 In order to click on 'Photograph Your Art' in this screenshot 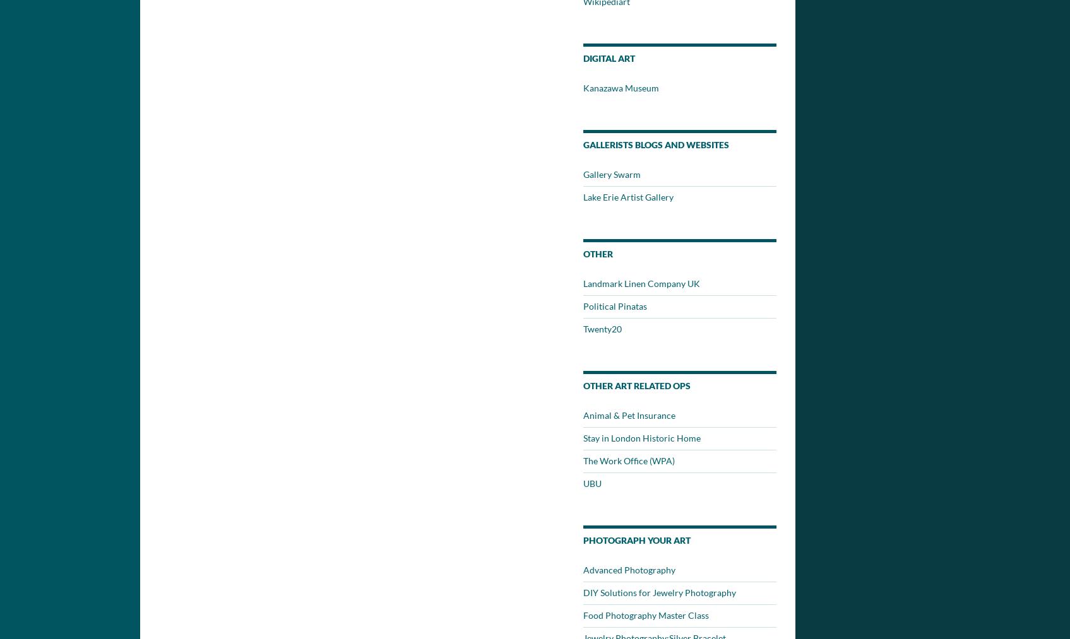, I will do `click(583, 539)`.